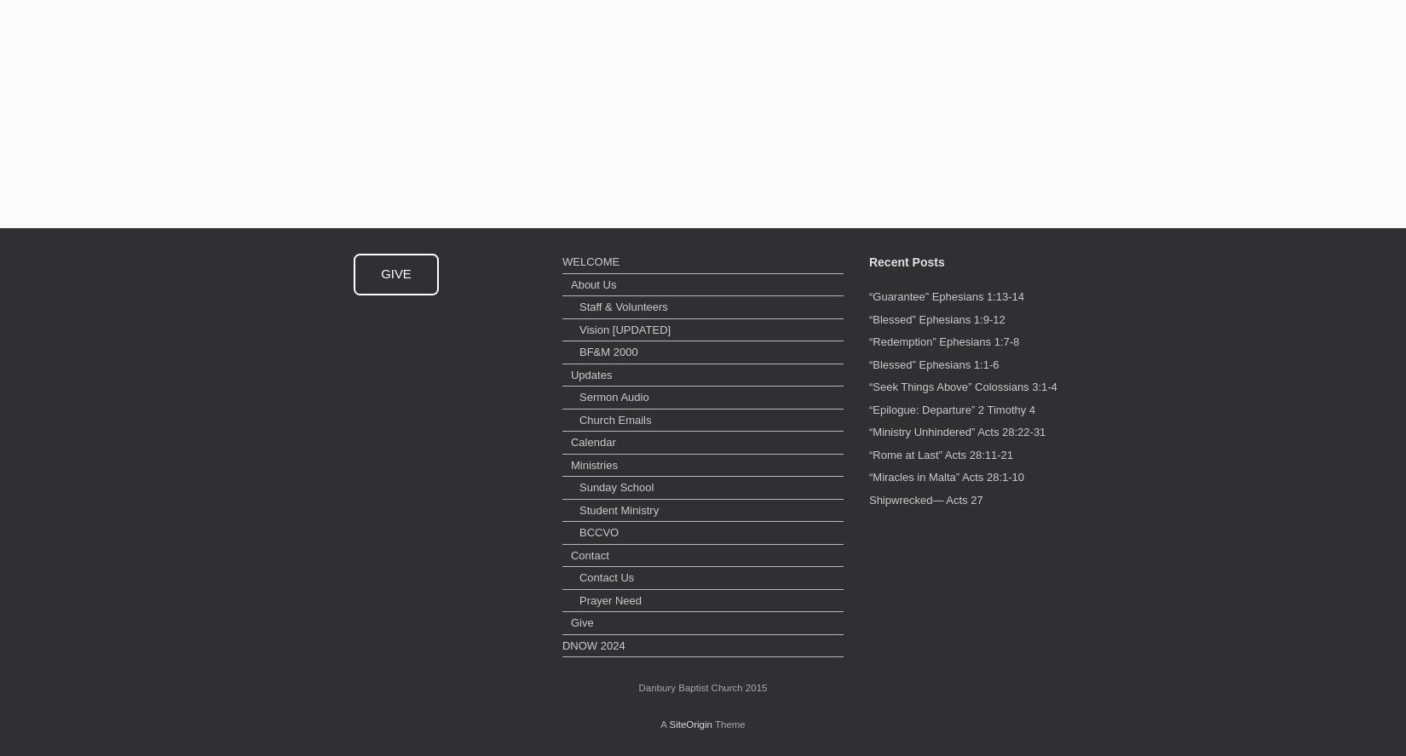 This screenshot has height=756, width=1406. Describe the element at coordinates (591, 283) in the screenshot. I see `'About Us'` at that location.